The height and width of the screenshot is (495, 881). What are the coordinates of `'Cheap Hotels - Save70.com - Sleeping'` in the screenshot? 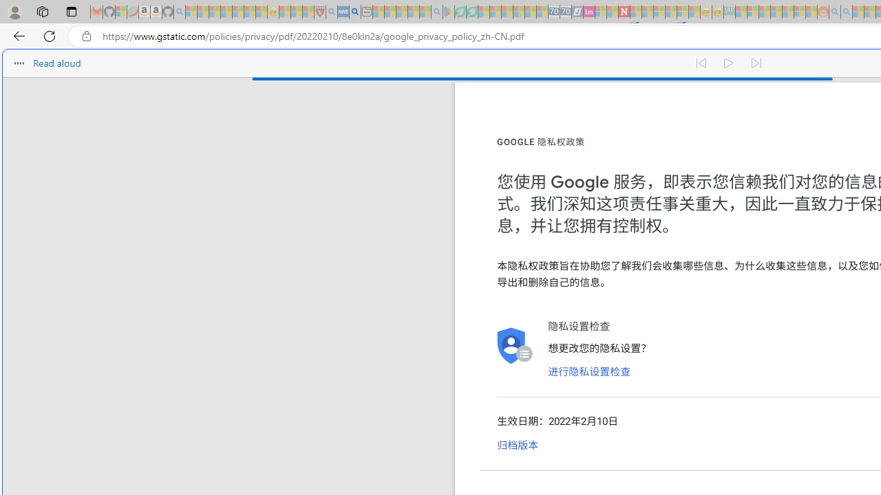 It's located at (565, 12).